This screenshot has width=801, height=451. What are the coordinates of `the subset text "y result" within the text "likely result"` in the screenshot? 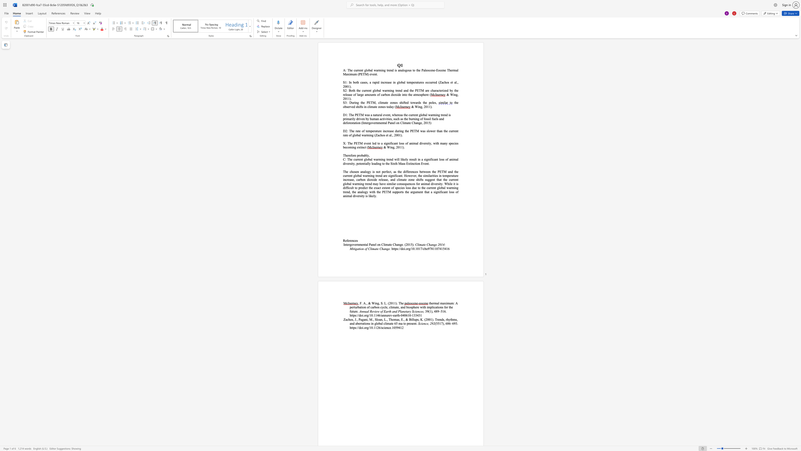 It's located at (406, 159).